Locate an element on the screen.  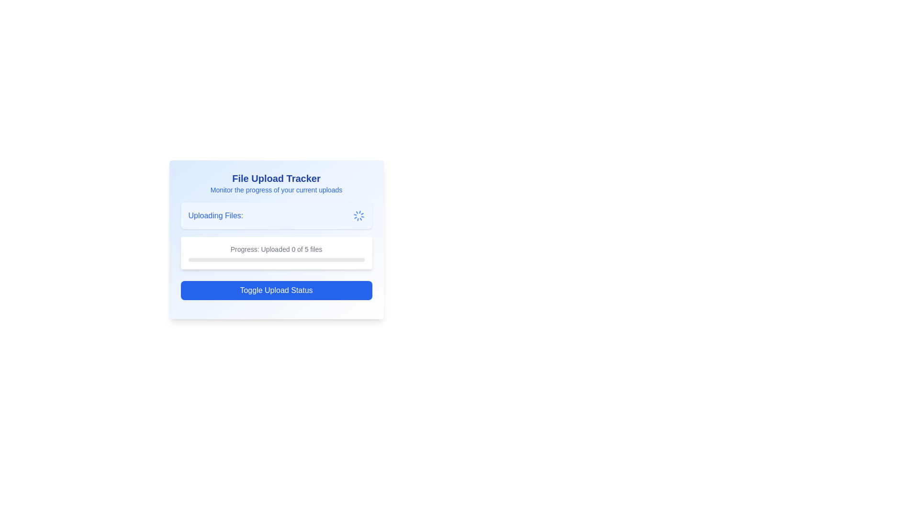
the static text element that reads 'Monitor the progress of your current uploads', which is styled in blue and positioned below the 'File Upload Tracker' heading is located at coordinates (276, 190).